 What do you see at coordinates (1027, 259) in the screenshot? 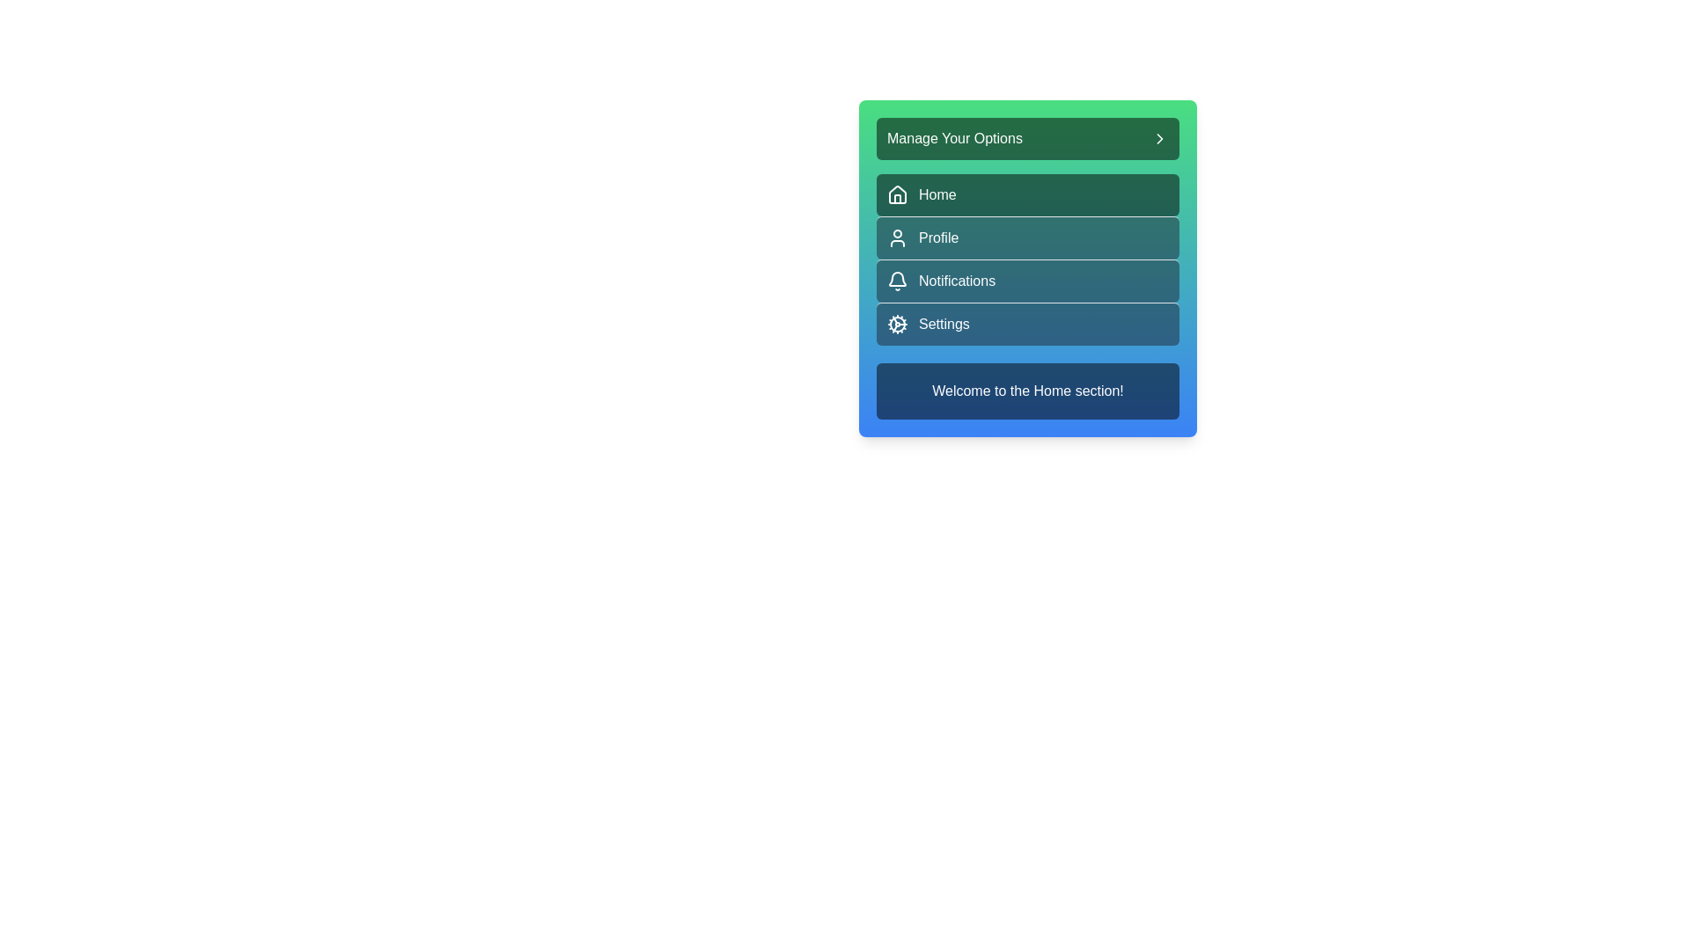
I see `the 'Profile' menu item, which is the second item in the vertical menu` at bounding box center [1027, 259].